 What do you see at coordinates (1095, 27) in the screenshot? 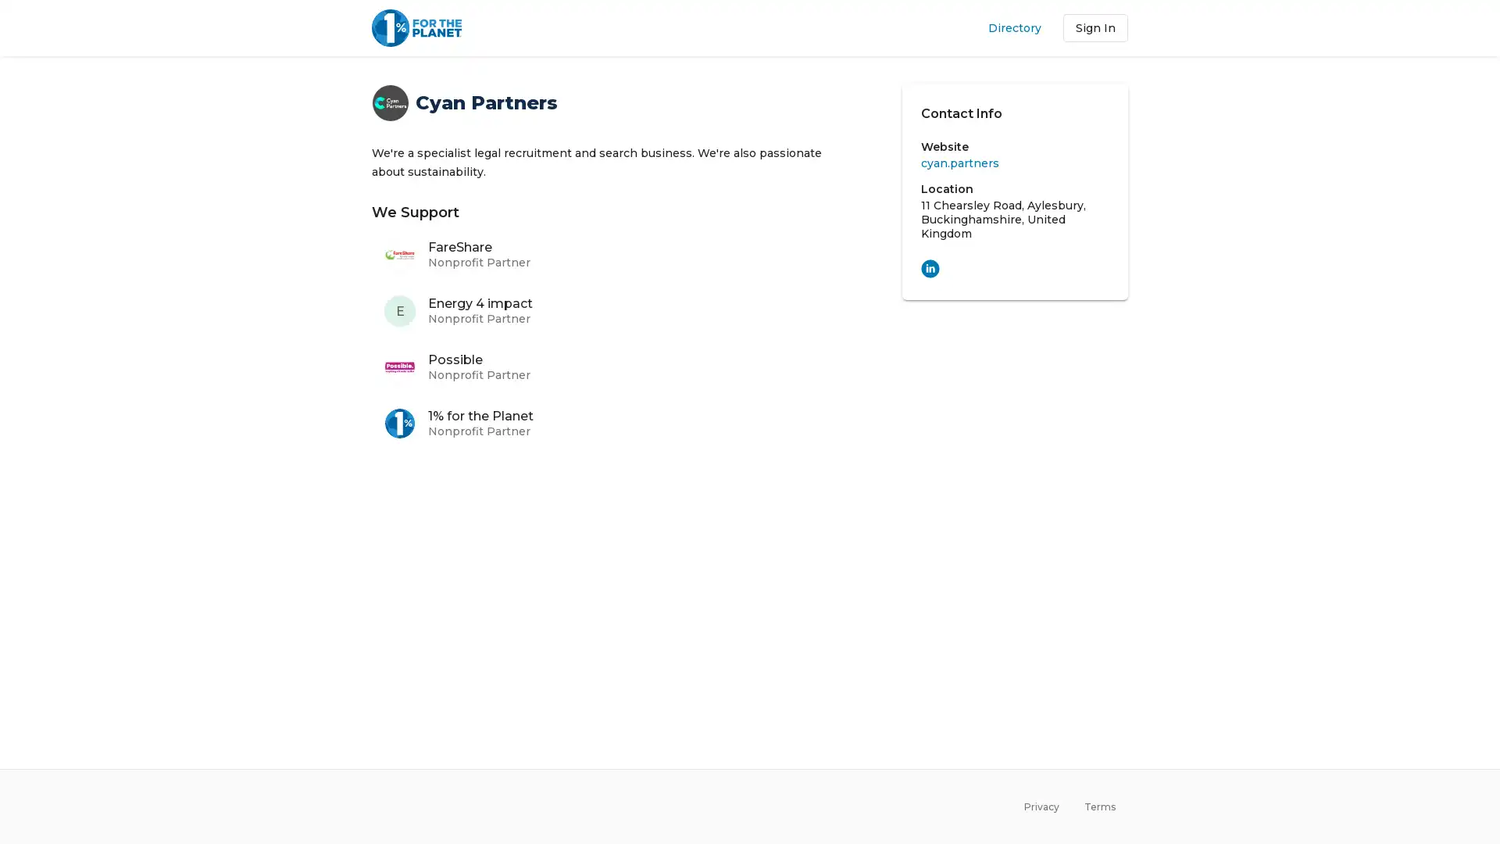
I see `Sign In` at bounding box center [1095, 27].